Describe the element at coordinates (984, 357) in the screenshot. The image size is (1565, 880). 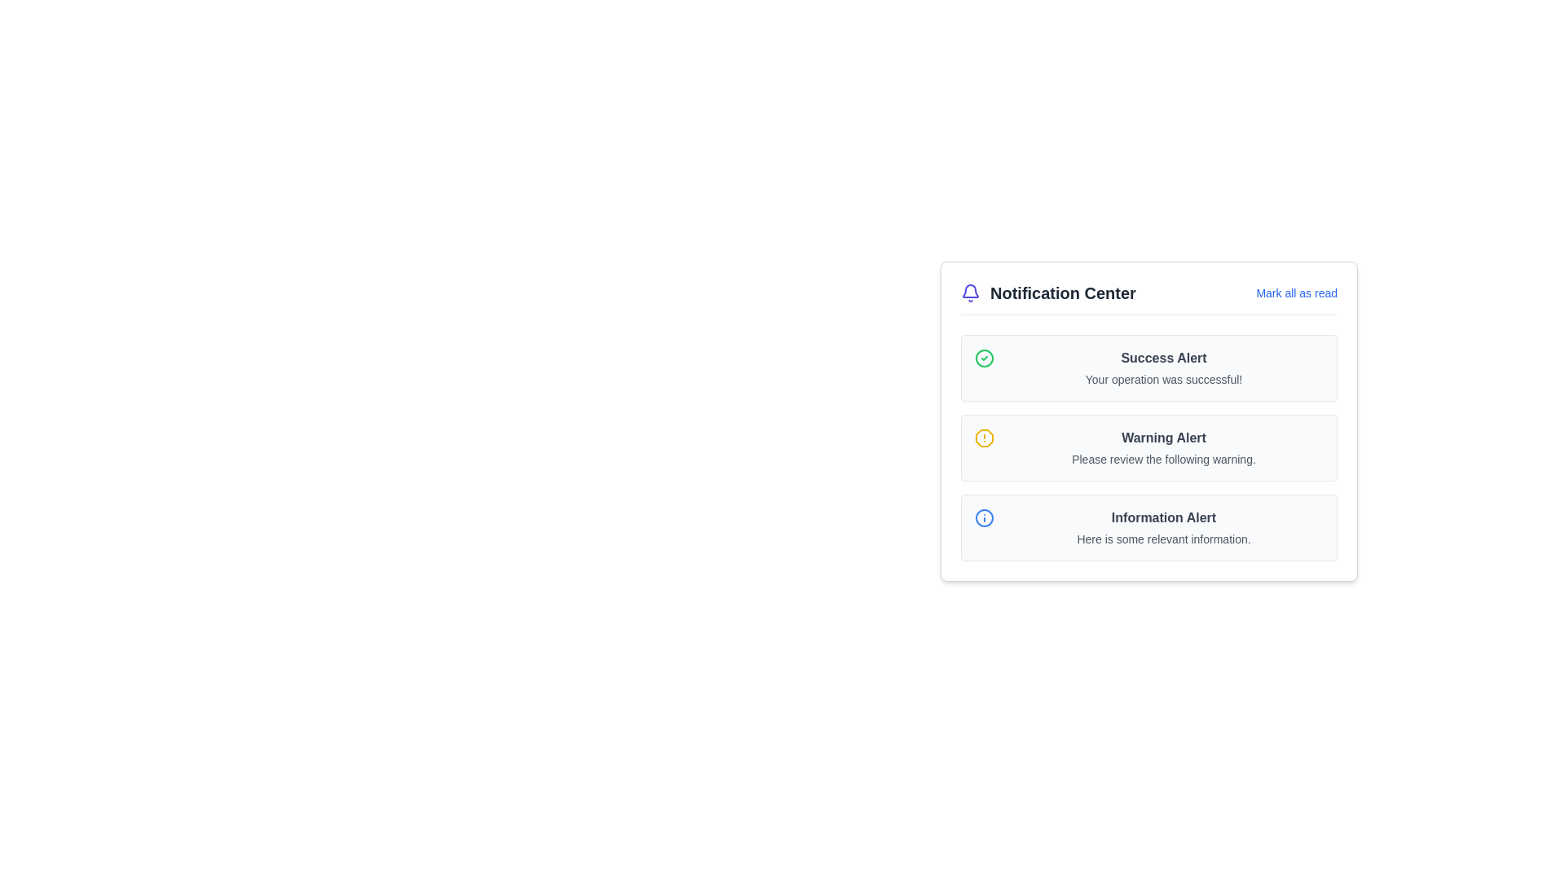
I see `the visual indicator circle located within the 'Success Alert' notification card, which is positioned to the left of the 'Success Alert' text` at that location.